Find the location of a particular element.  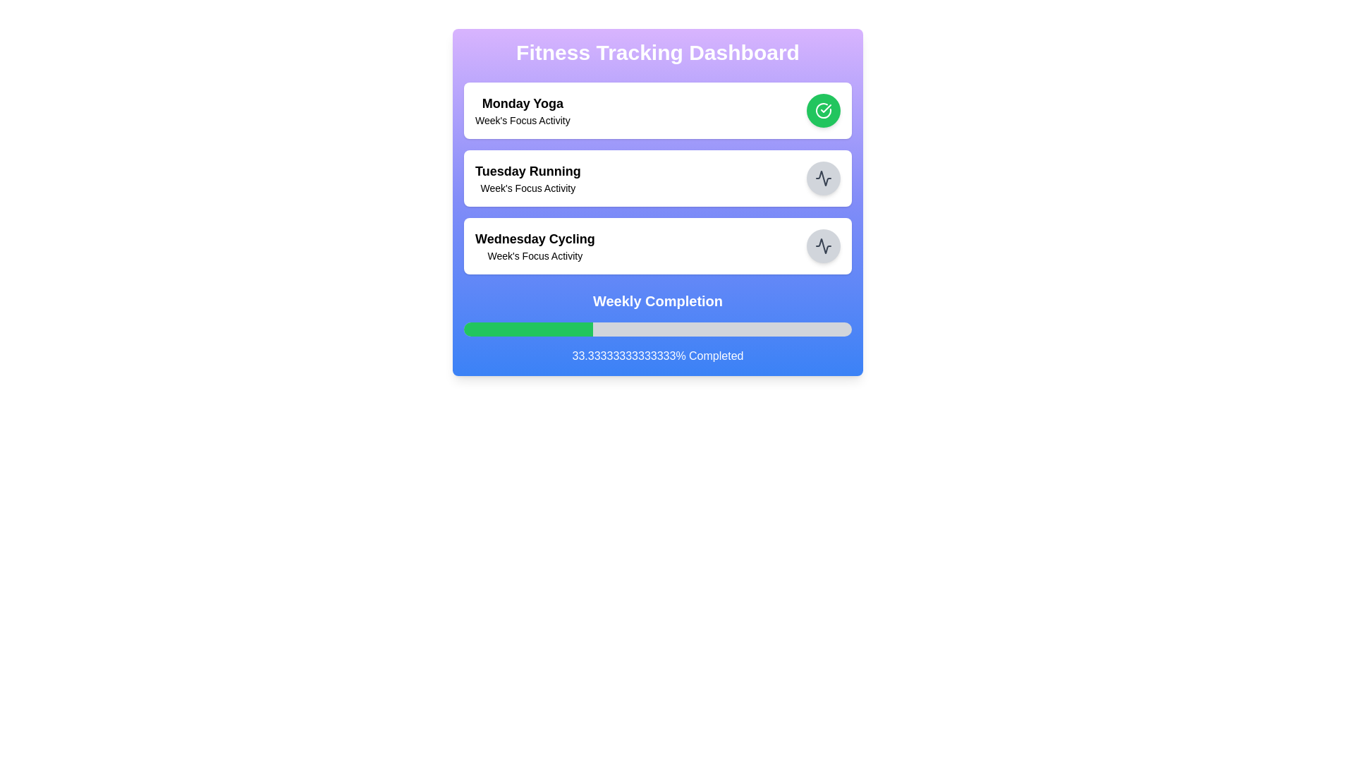

the Progress Indicator that visually indicates a 33.33% completion within the progress bar located beneath the 'Weekly Completion' heading is located at coordinates (527, 329).